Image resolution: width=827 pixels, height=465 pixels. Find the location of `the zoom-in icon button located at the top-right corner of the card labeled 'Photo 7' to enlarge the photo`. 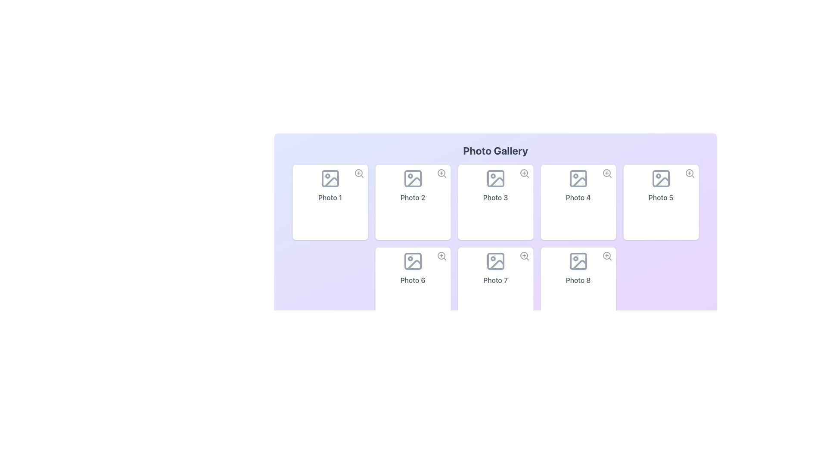

the zoom-in icon button located at the top-right corner of the card labeled 'Photo 7' to enlarge the photo is located at coordinates (524, 255).